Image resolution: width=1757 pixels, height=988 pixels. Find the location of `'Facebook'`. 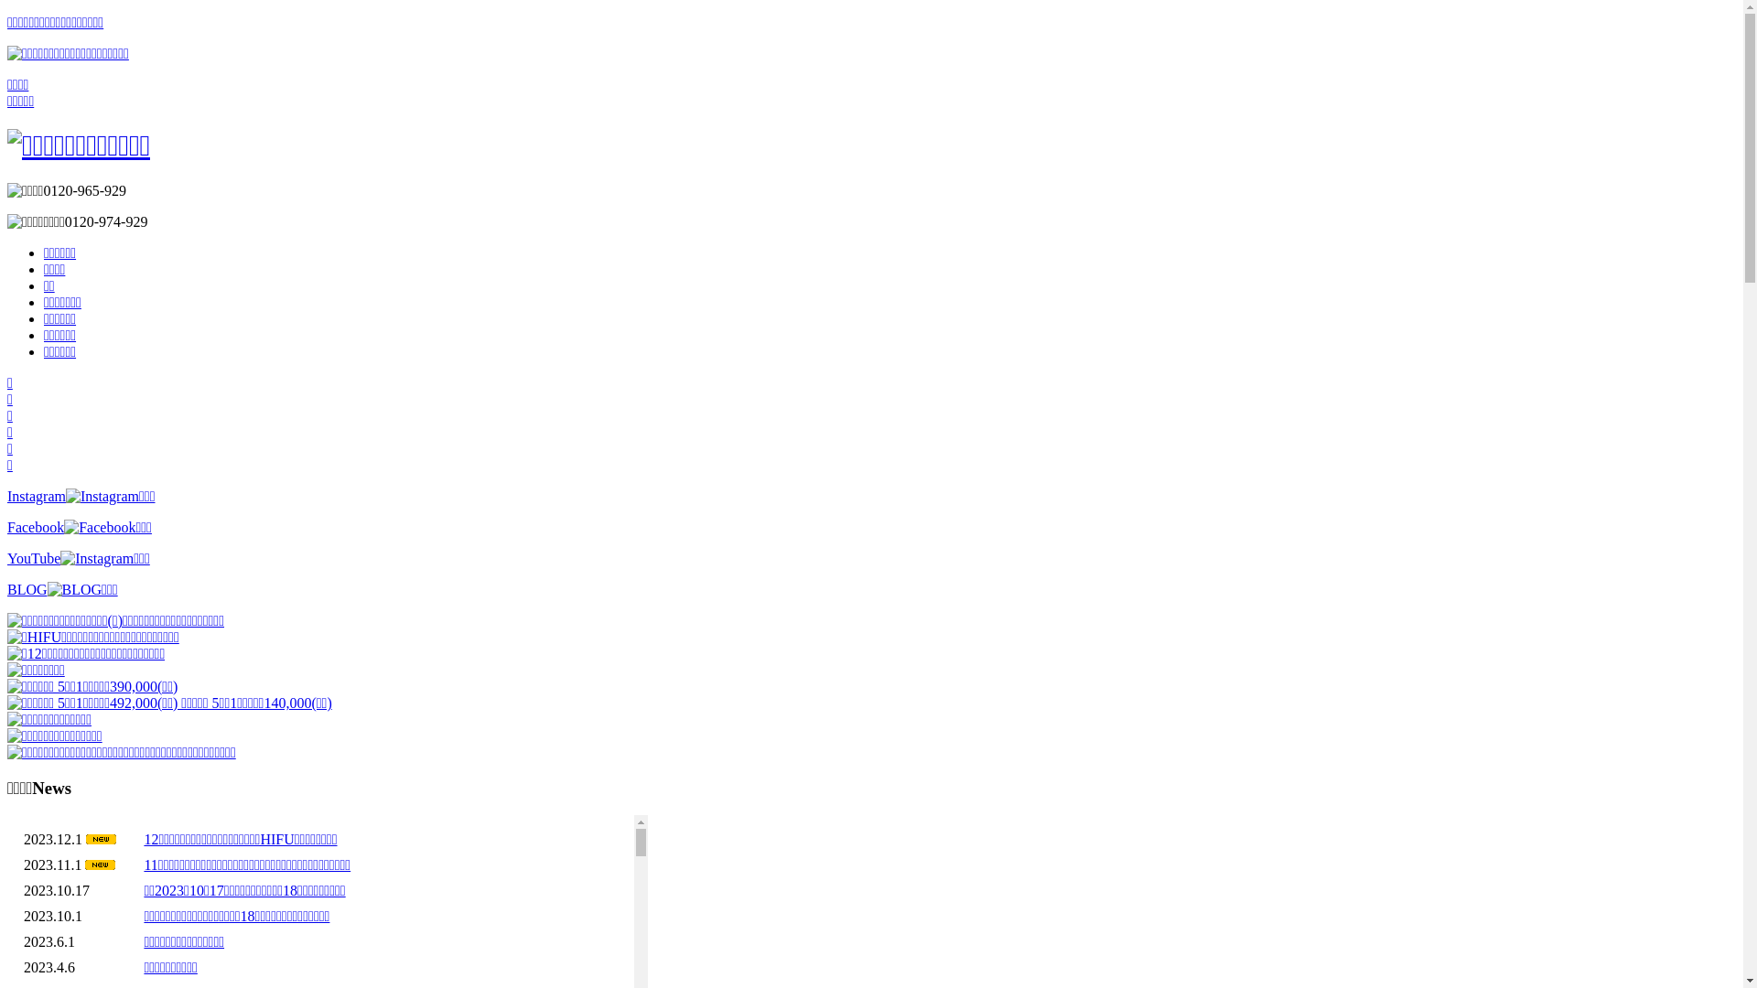

'Facebook' is located at coordinates (78, 527).